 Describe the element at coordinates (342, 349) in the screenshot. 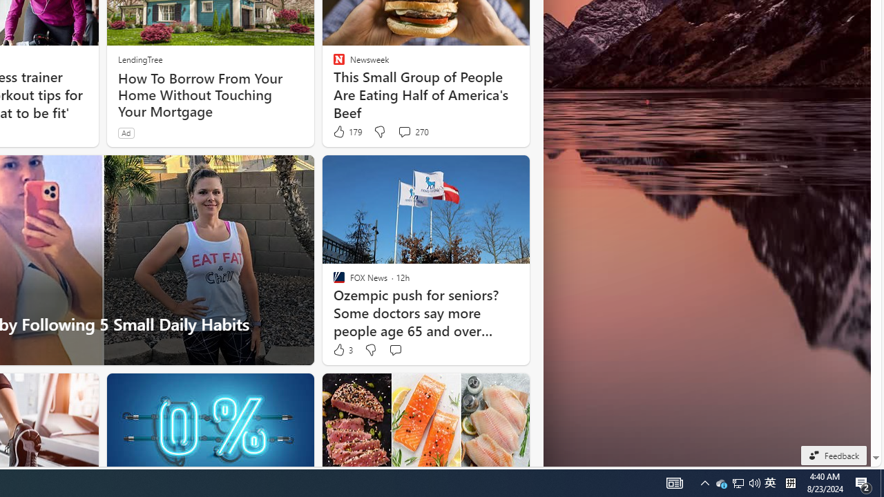

I see `'3 Like'` at that location.